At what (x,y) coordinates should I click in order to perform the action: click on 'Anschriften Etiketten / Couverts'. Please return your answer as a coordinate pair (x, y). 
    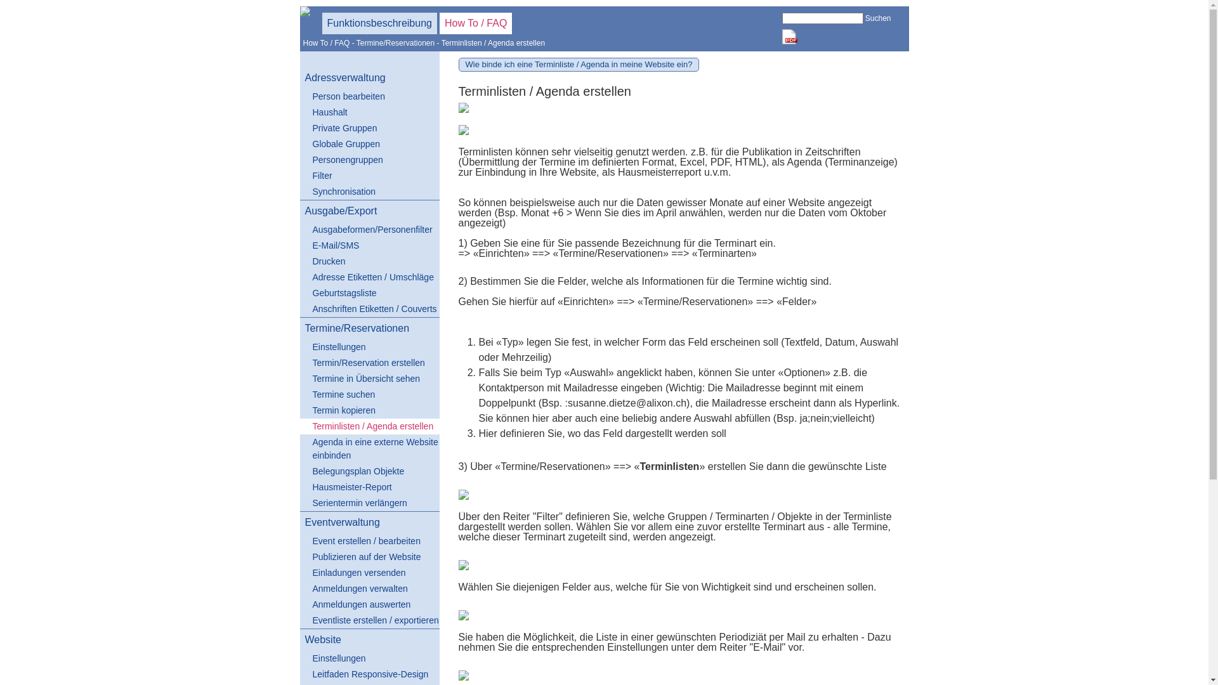
    Looking at the image, I should click on (368, 309).